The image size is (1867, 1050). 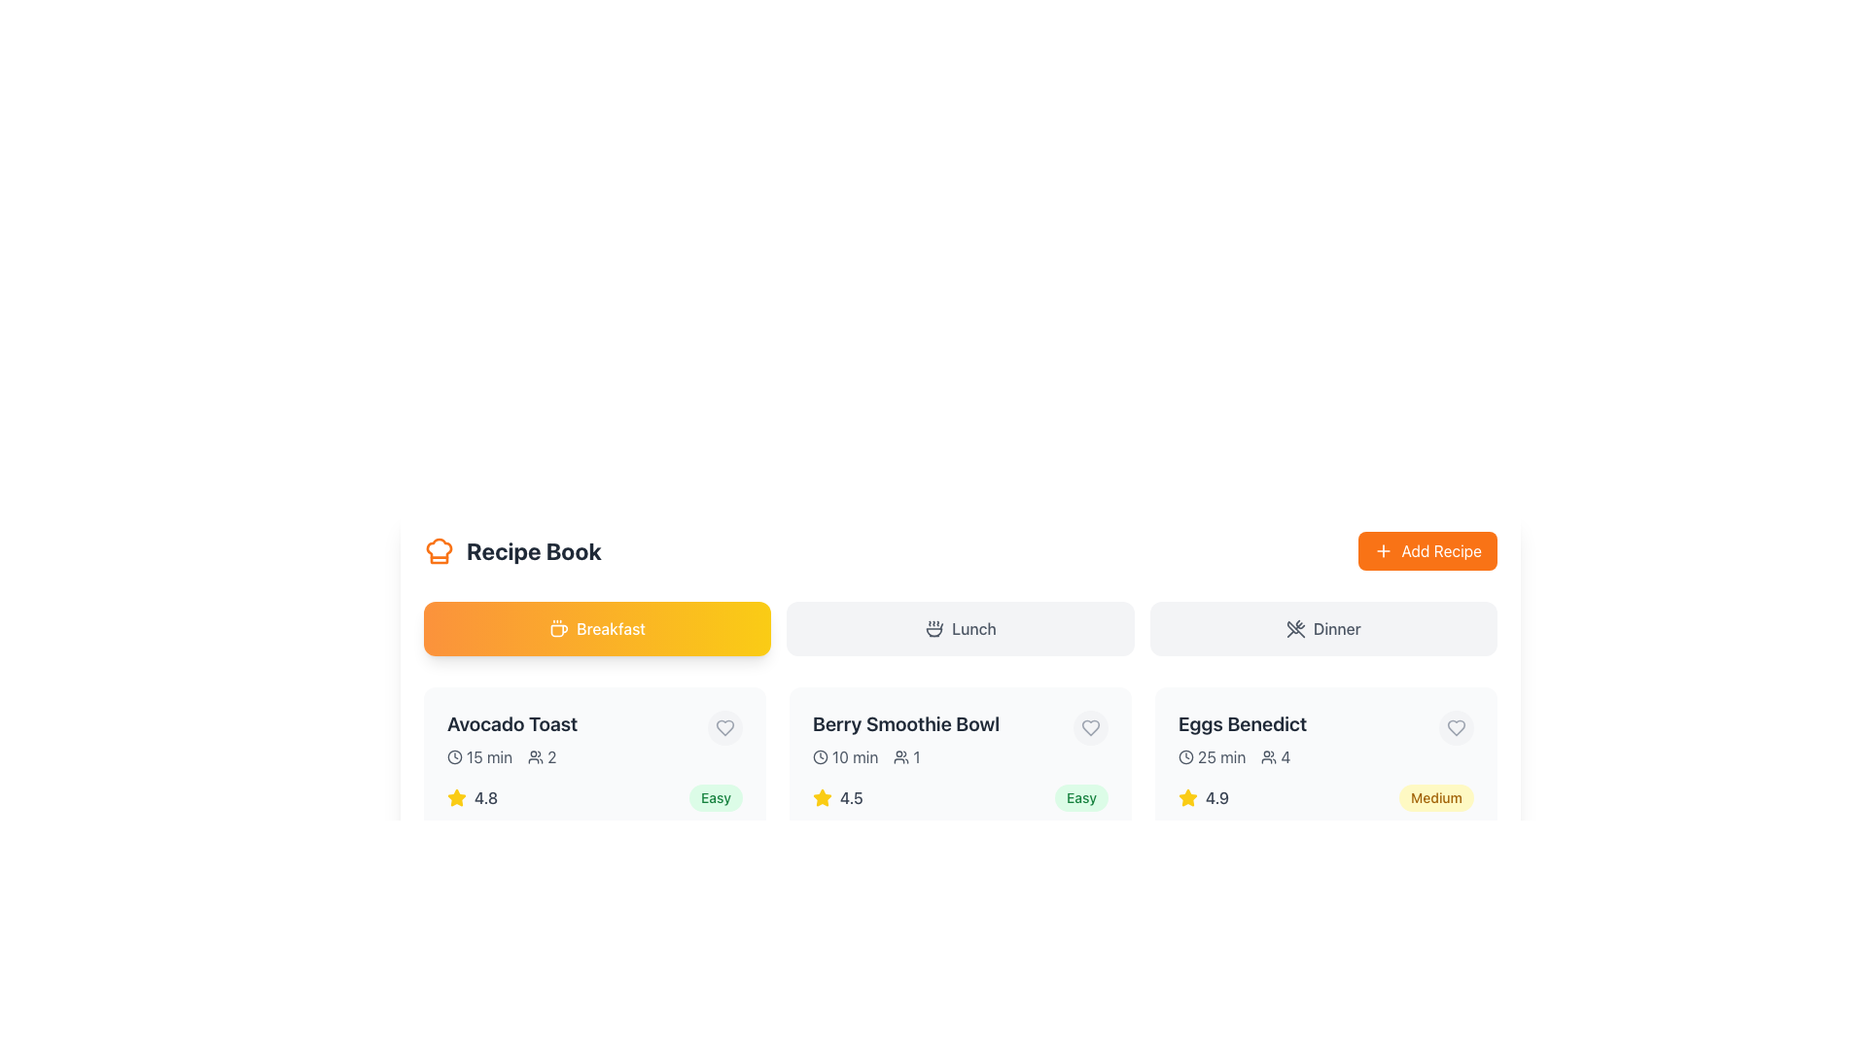 I want to click on the average rating score text label for the 'Avocado Toast' recipe, located to the right of the yellow star icon within the rating indicator of the first recipe card in the 'Recipe Book' section, so click(x=485, y=798).